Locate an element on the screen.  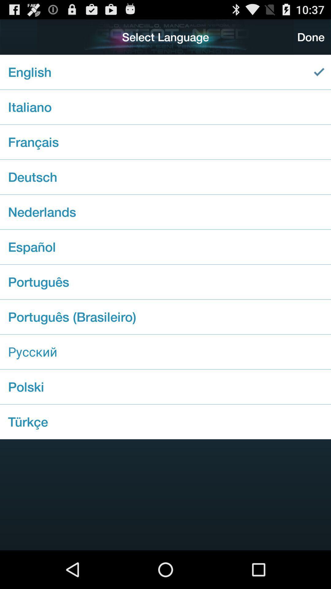
deutsch checkbox is located at coordinates (165, 177).